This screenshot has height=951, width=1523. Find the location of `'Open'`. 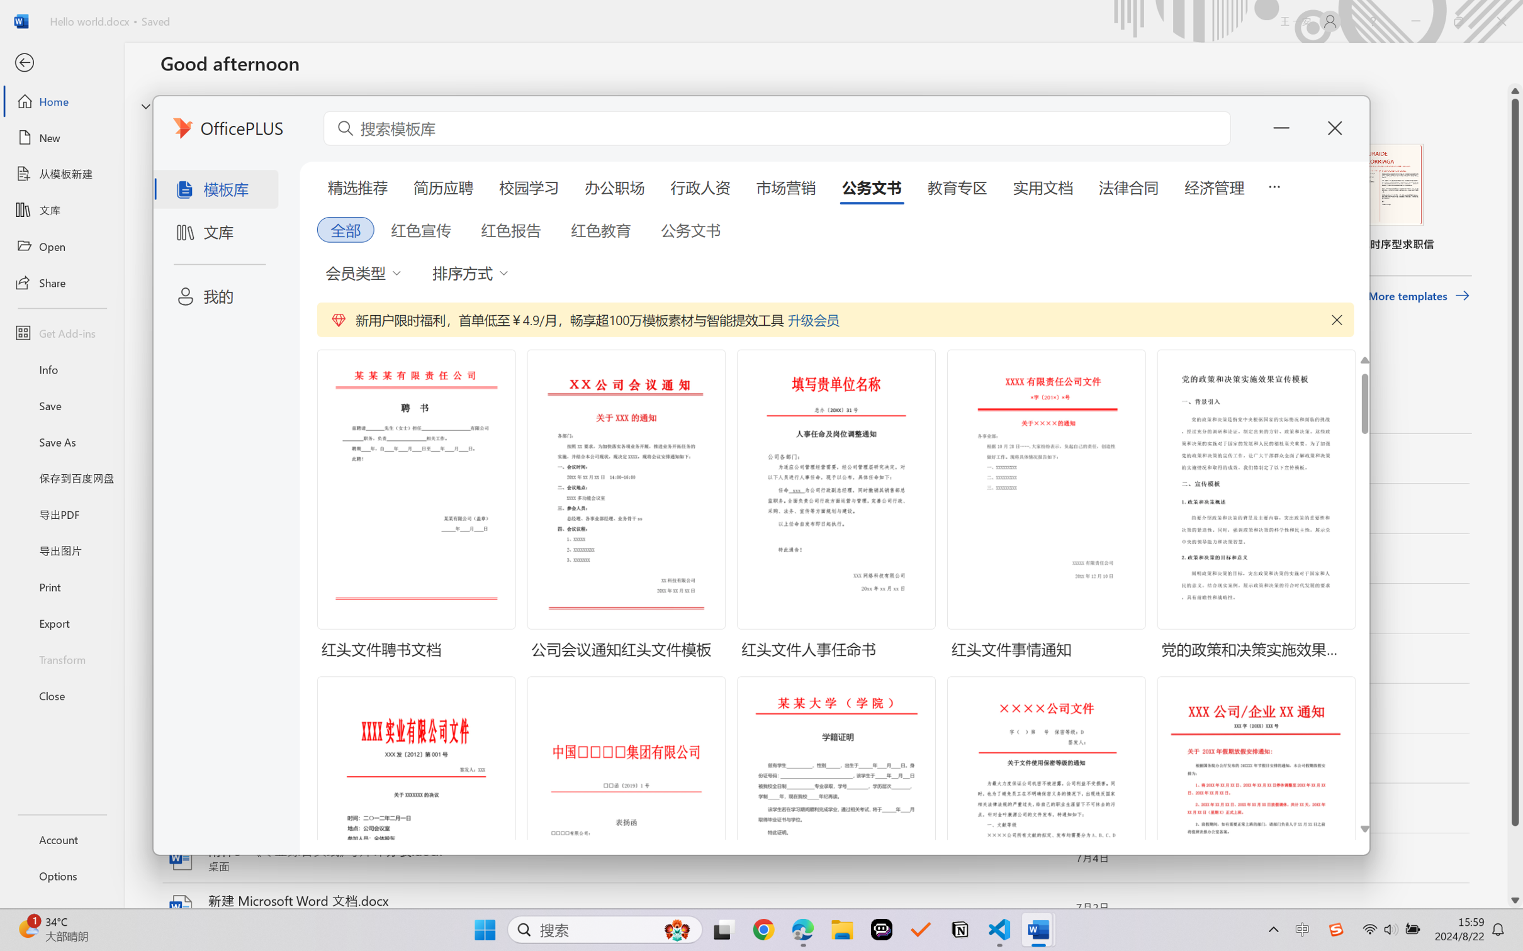

'Open' is located at coordinates (61, 246).